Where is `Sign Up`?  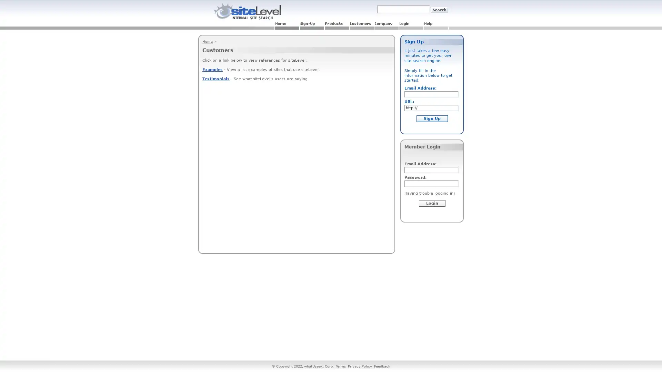
Sign Up is located at coordinates (431, 118).